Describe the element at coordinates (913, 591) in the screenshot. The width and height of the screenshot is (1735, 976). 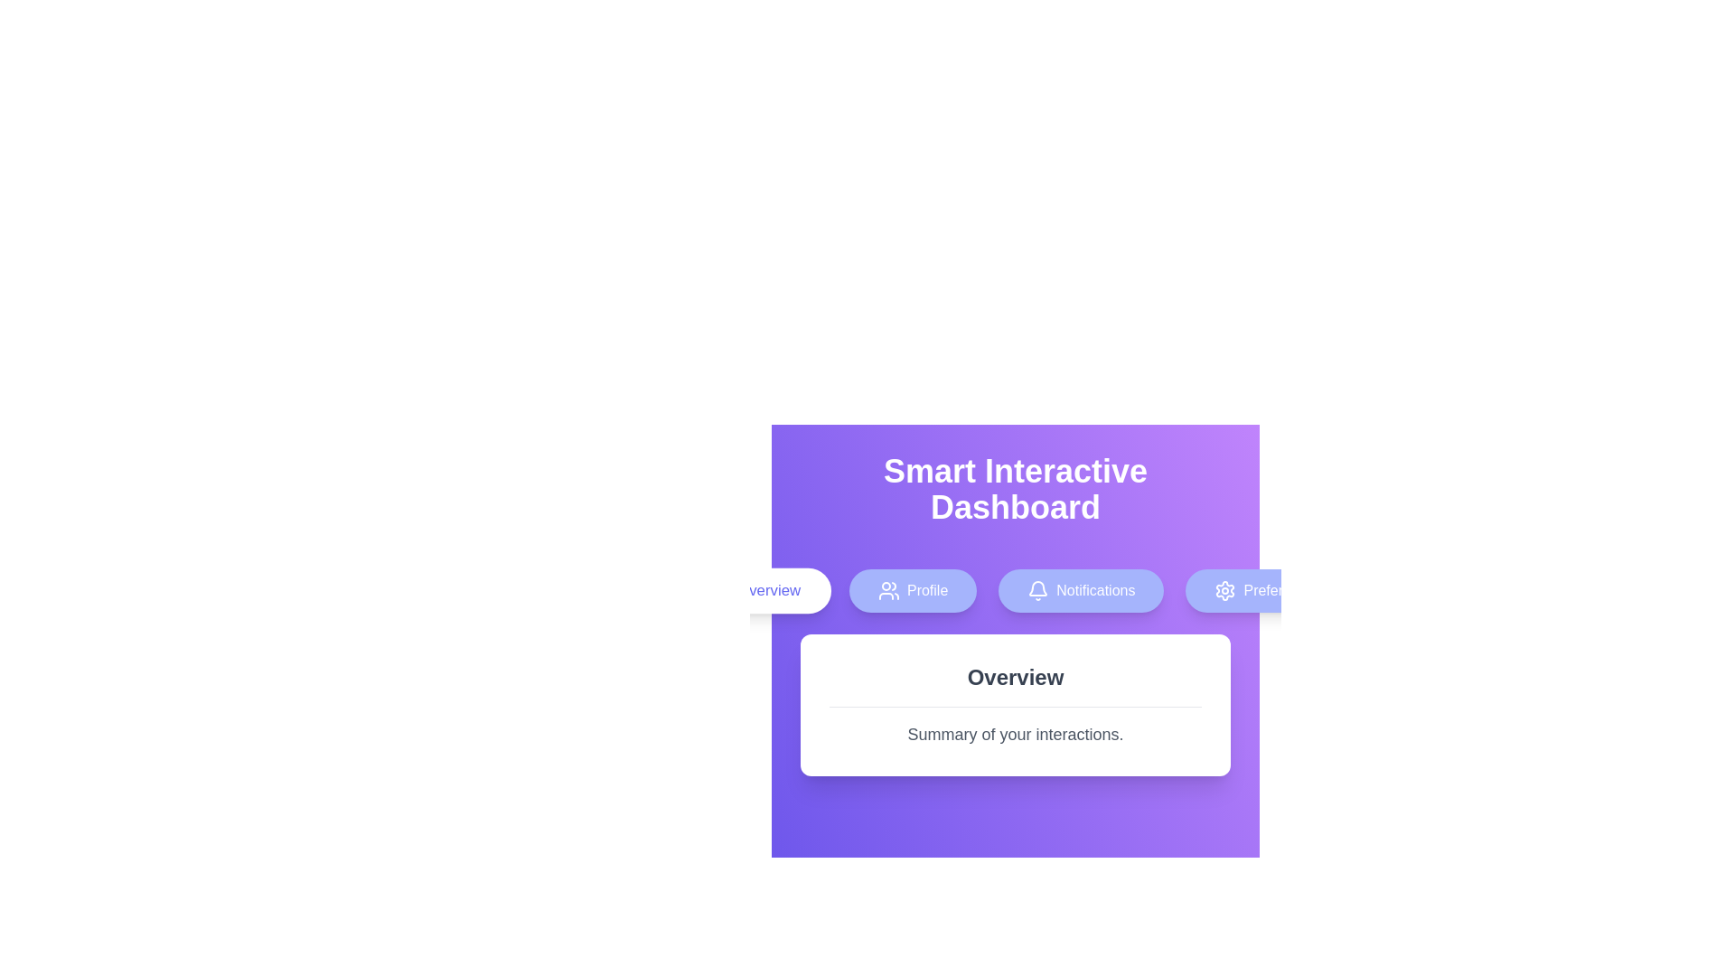
I see `the Profile tab by clicking its corresponding button` at that location.